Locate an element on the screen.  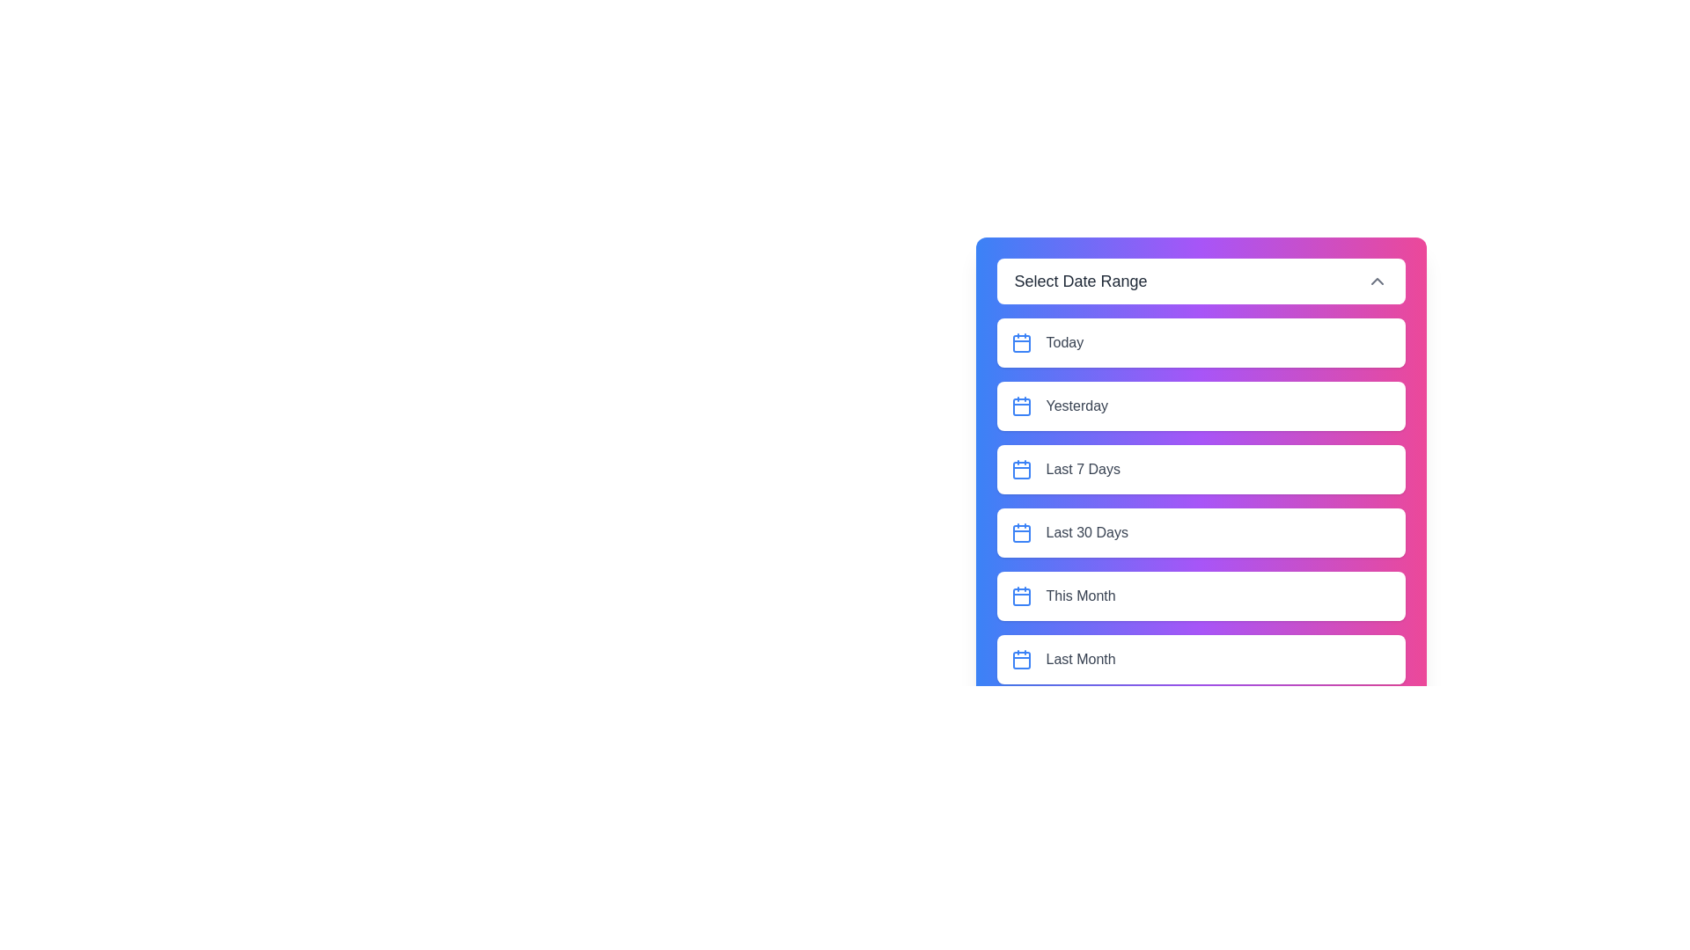
the date range option Today from the list is located at coordinates (1200, 342).